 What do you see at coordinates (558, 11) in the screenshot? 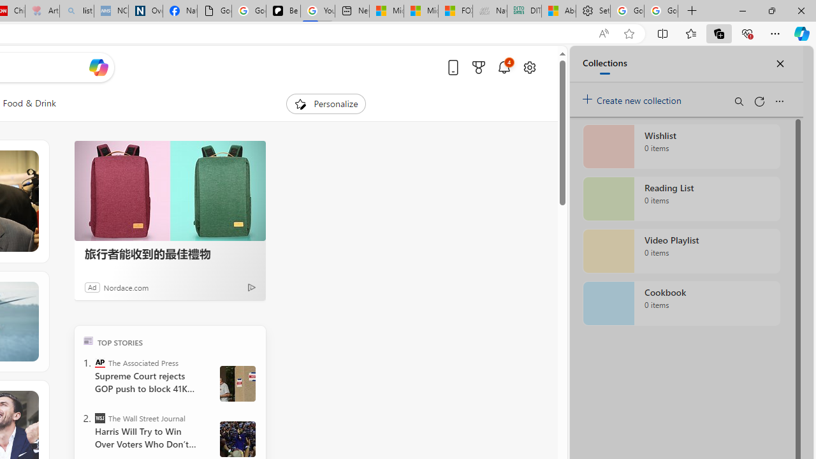
I see `'Aberdeen, Hong Kong SAR hourly forecast | Microsoft Weather'` at bounding box center [558, 11].